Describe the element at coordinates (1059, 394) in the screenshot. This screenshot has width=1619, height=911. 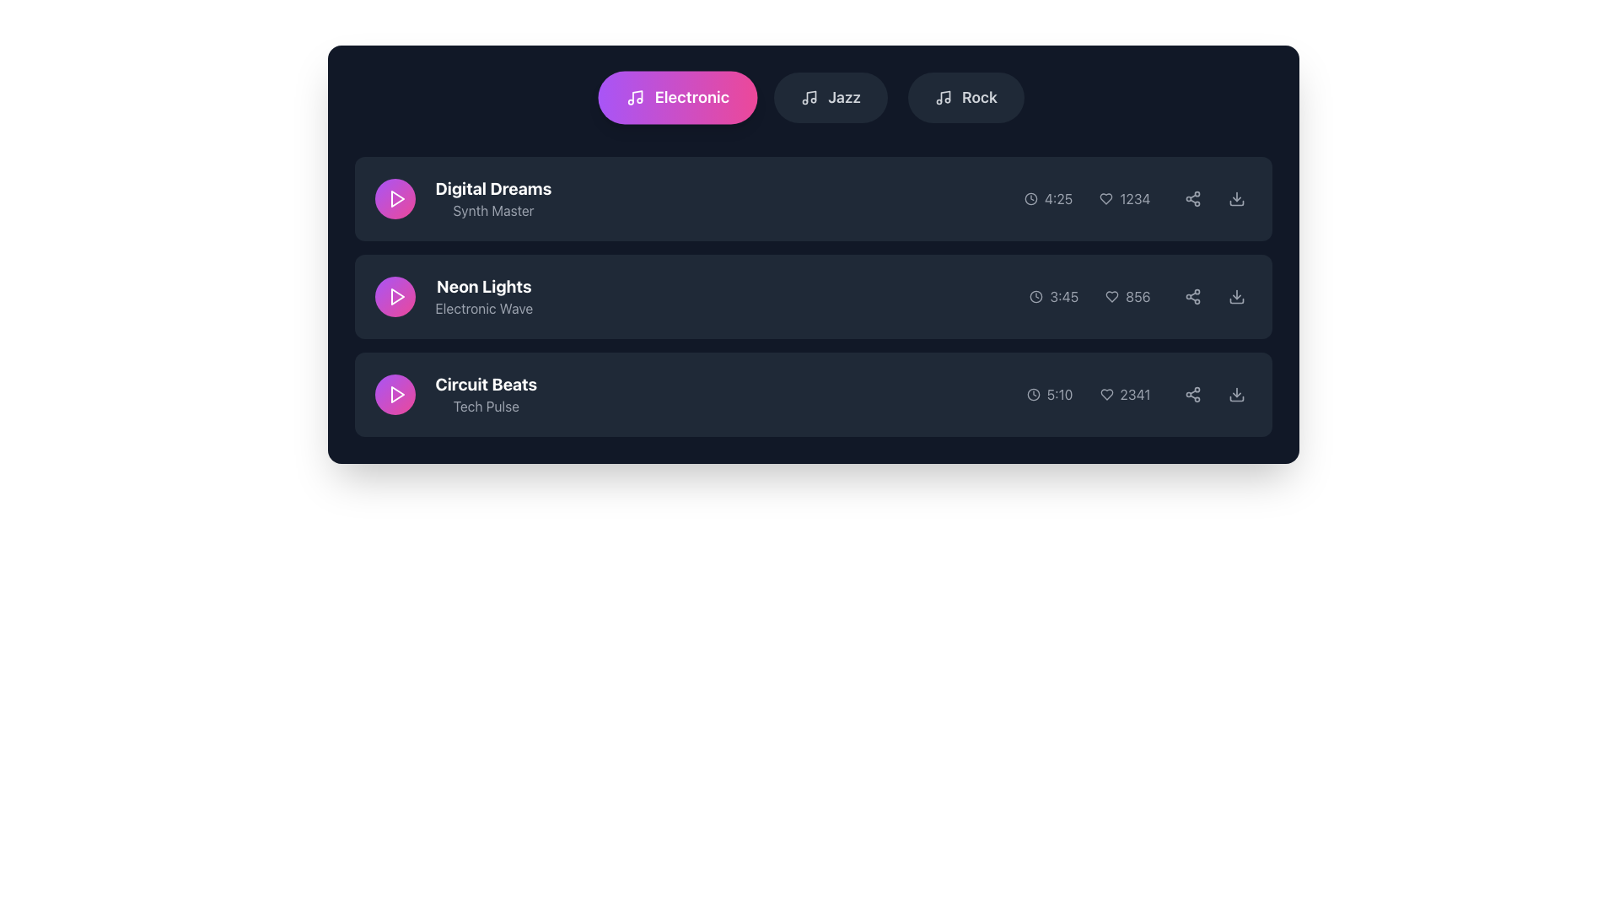
I see `the text label displaying the time '5:10', which is located at the lower-right section of the list item for 'Circuit Beats', aligned with a clock icon and other metadata buttons` at that location.